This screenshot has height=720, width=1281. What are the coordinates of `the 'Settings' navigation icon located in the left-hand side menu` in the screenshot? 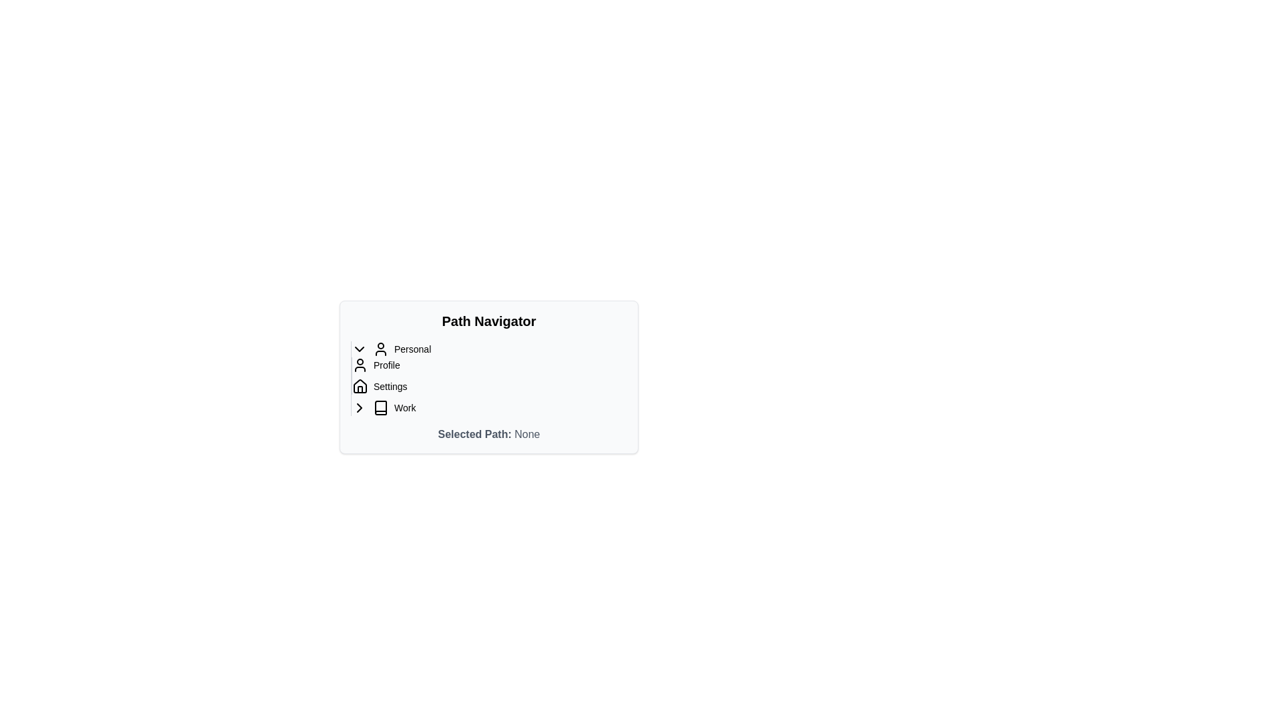 It's located at (360, 385).